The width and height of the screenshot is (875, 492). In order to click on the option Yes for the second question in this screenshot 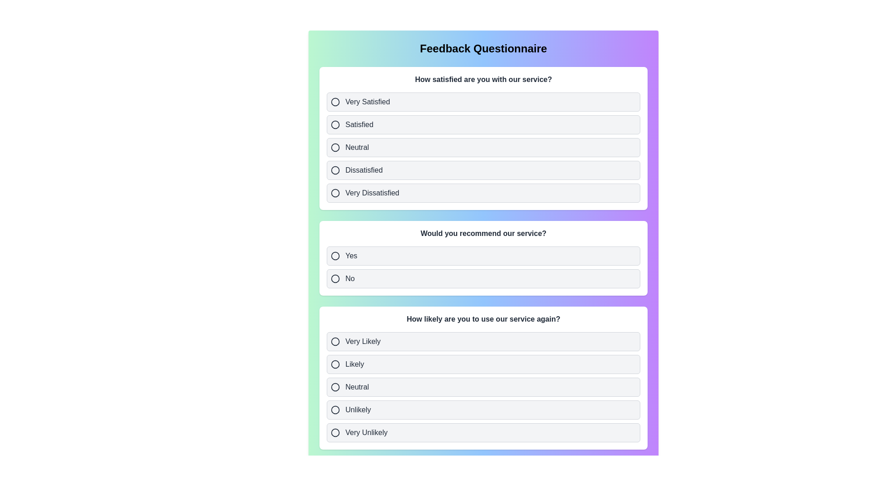, I will do `click(483, 256)`.